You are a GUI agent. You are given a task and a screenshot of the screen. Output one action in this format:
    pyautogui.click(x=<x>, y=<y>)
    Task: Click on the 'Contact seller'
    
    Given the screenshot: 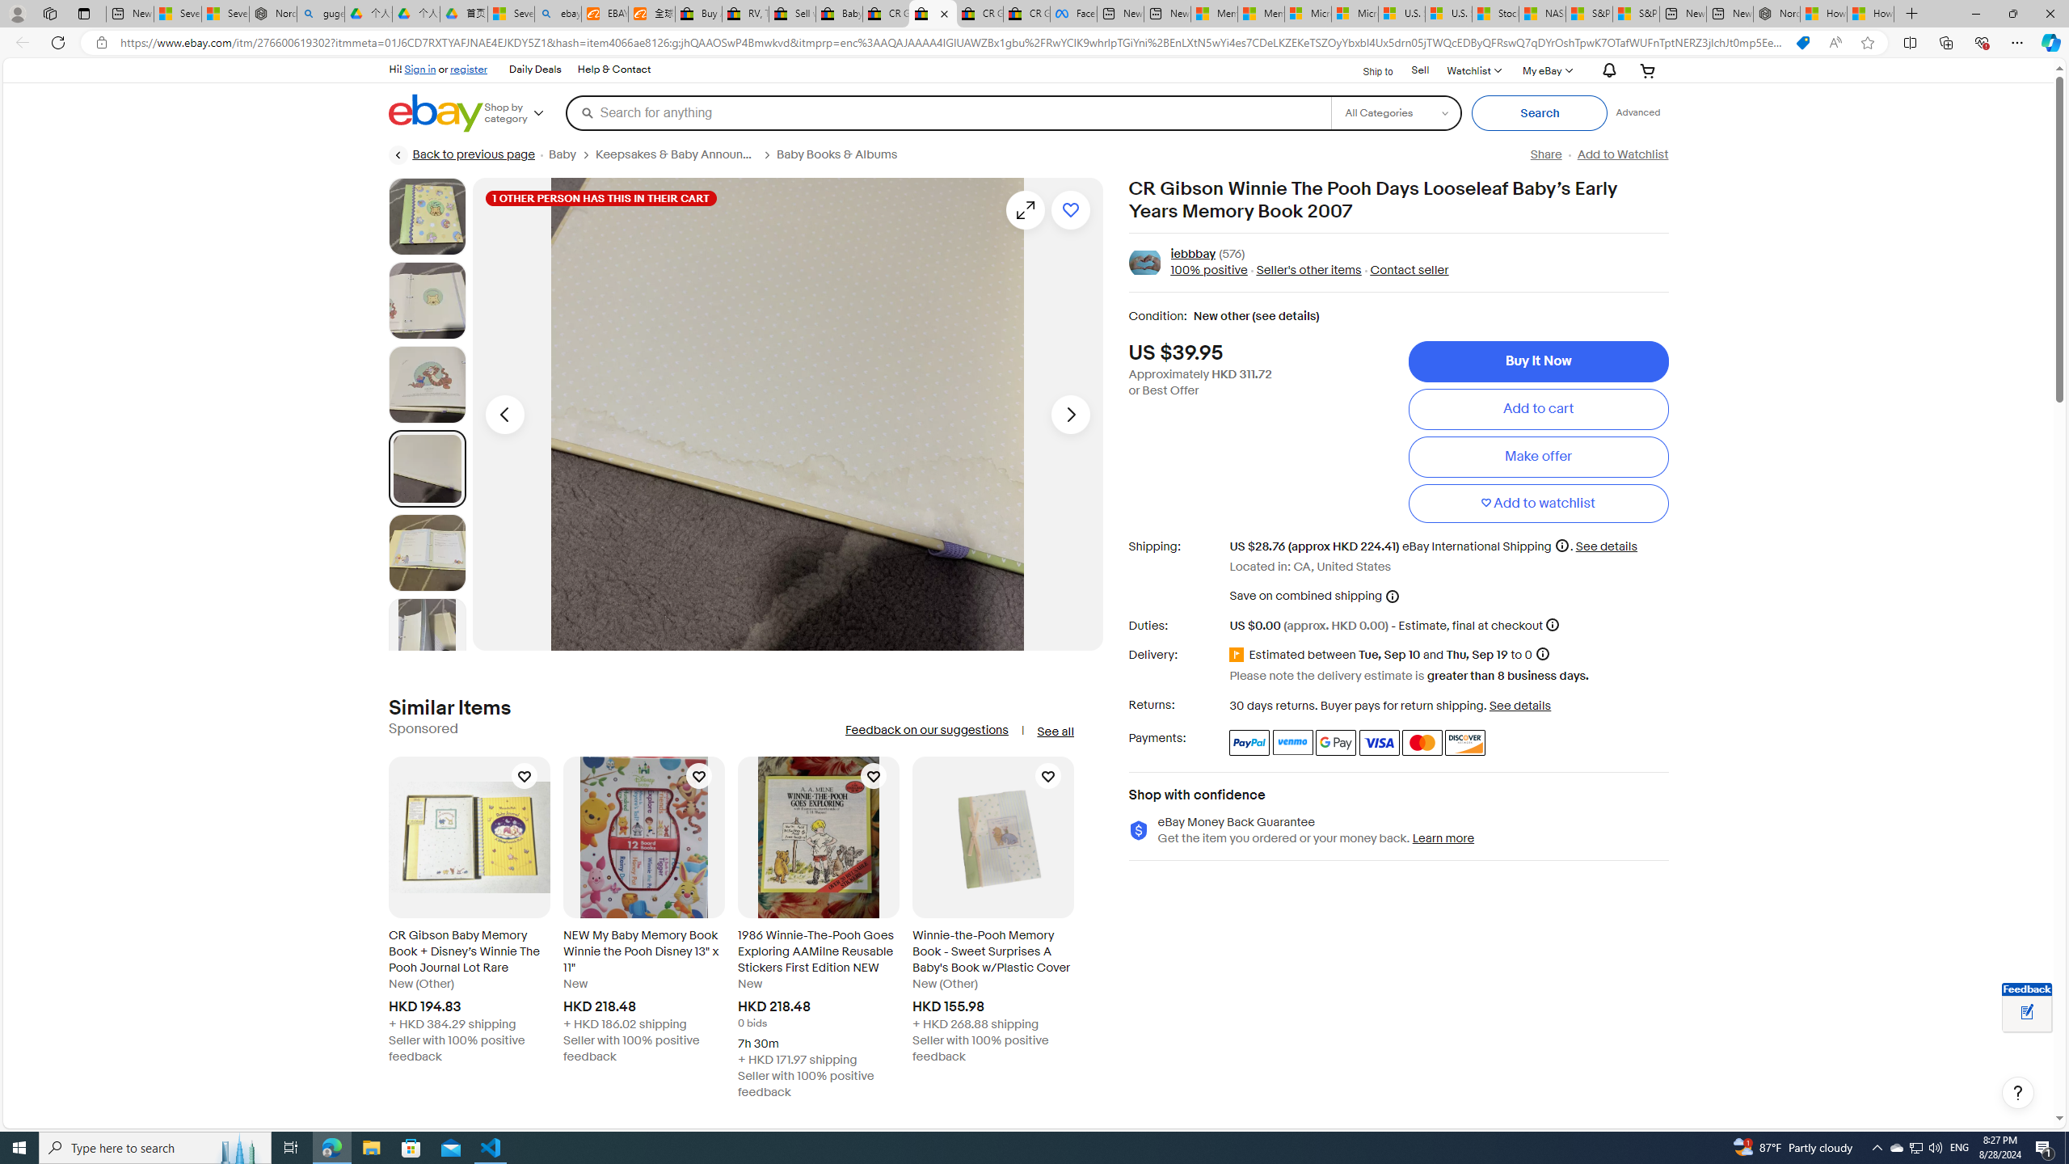 What is the action you would take?
    pyautogui.click(x=1408, y=270)
    